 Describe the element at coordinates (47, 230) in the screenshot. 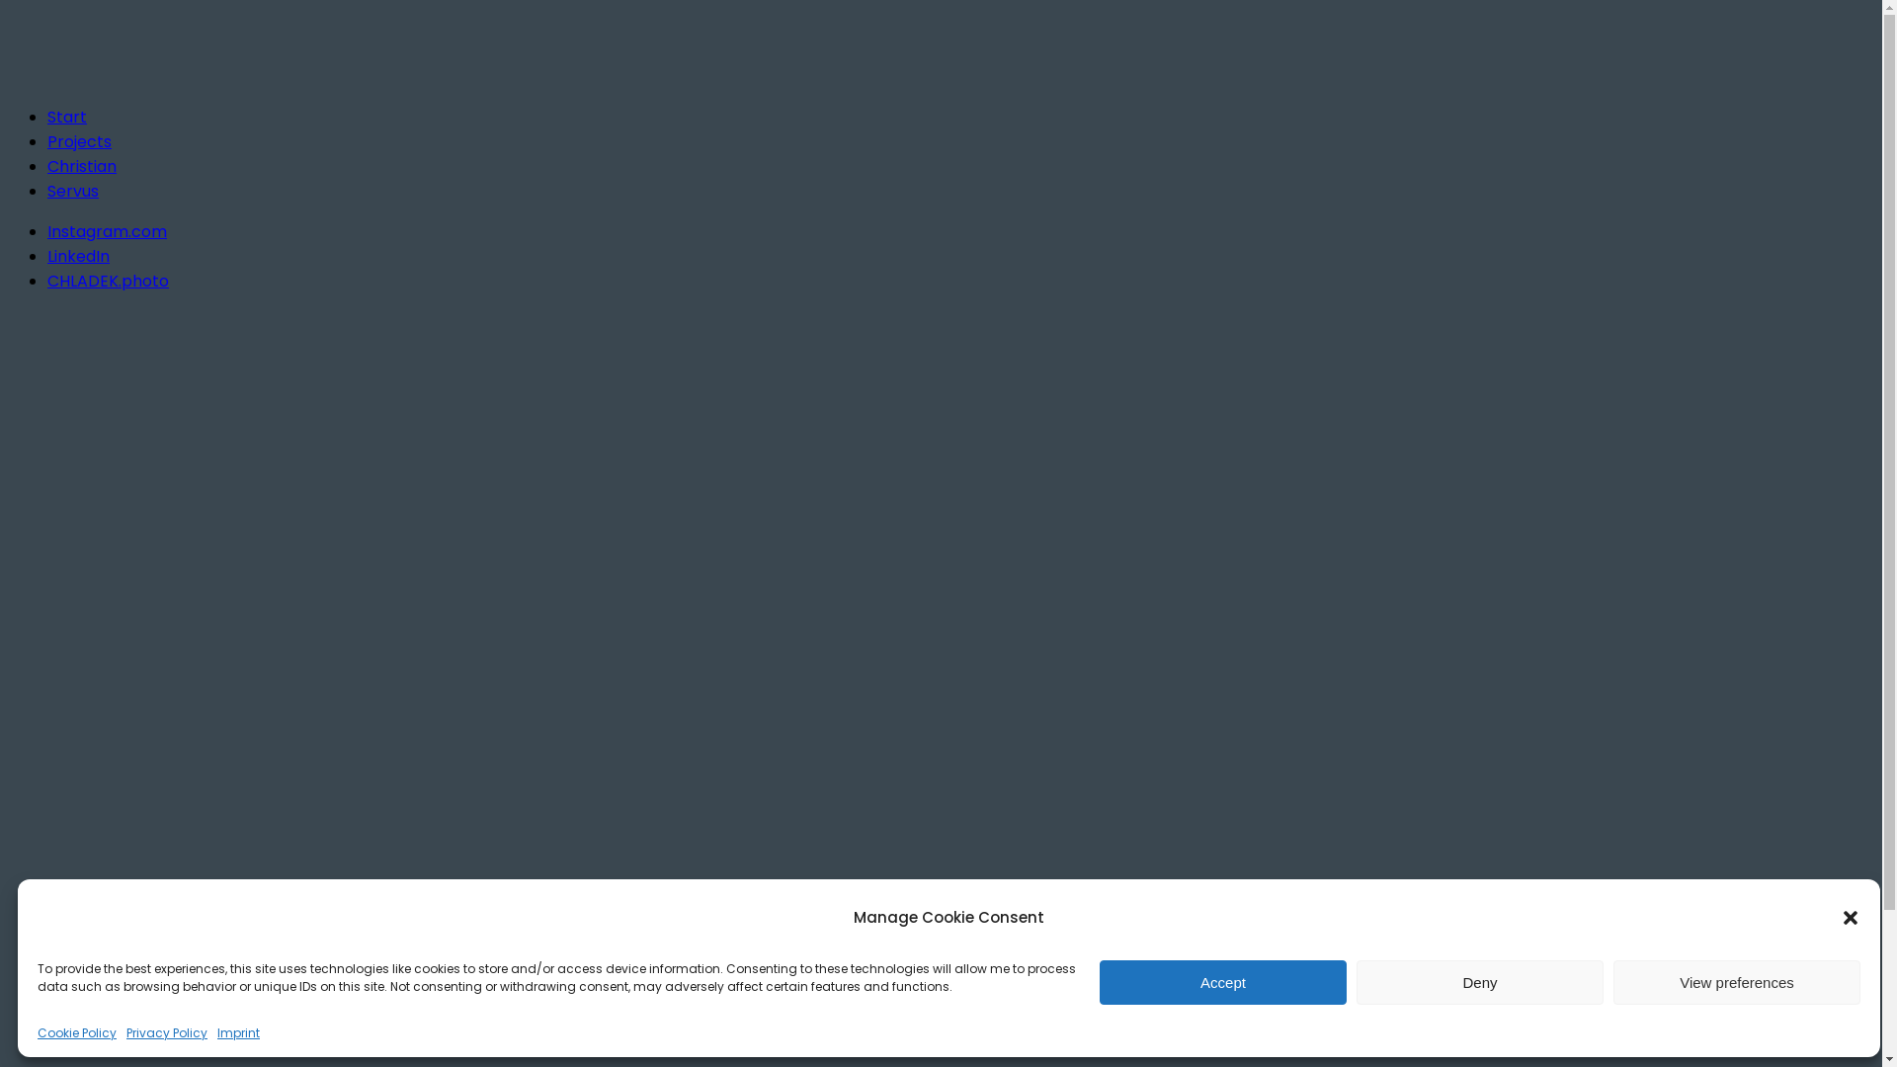

I see `'Instagram.com'` at that location.